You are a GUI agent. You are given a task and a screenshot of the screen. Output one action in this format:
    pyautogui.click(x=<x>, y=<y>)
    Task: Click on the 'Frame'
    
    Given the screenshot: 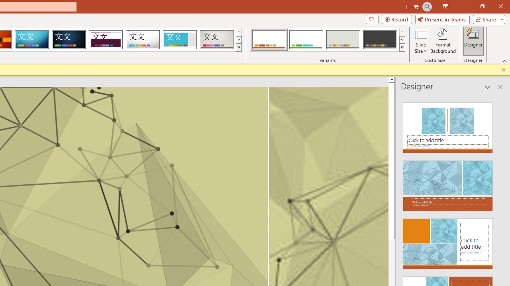 What is the action you would take?
    pyautogui.click(x=179, y=40)
    